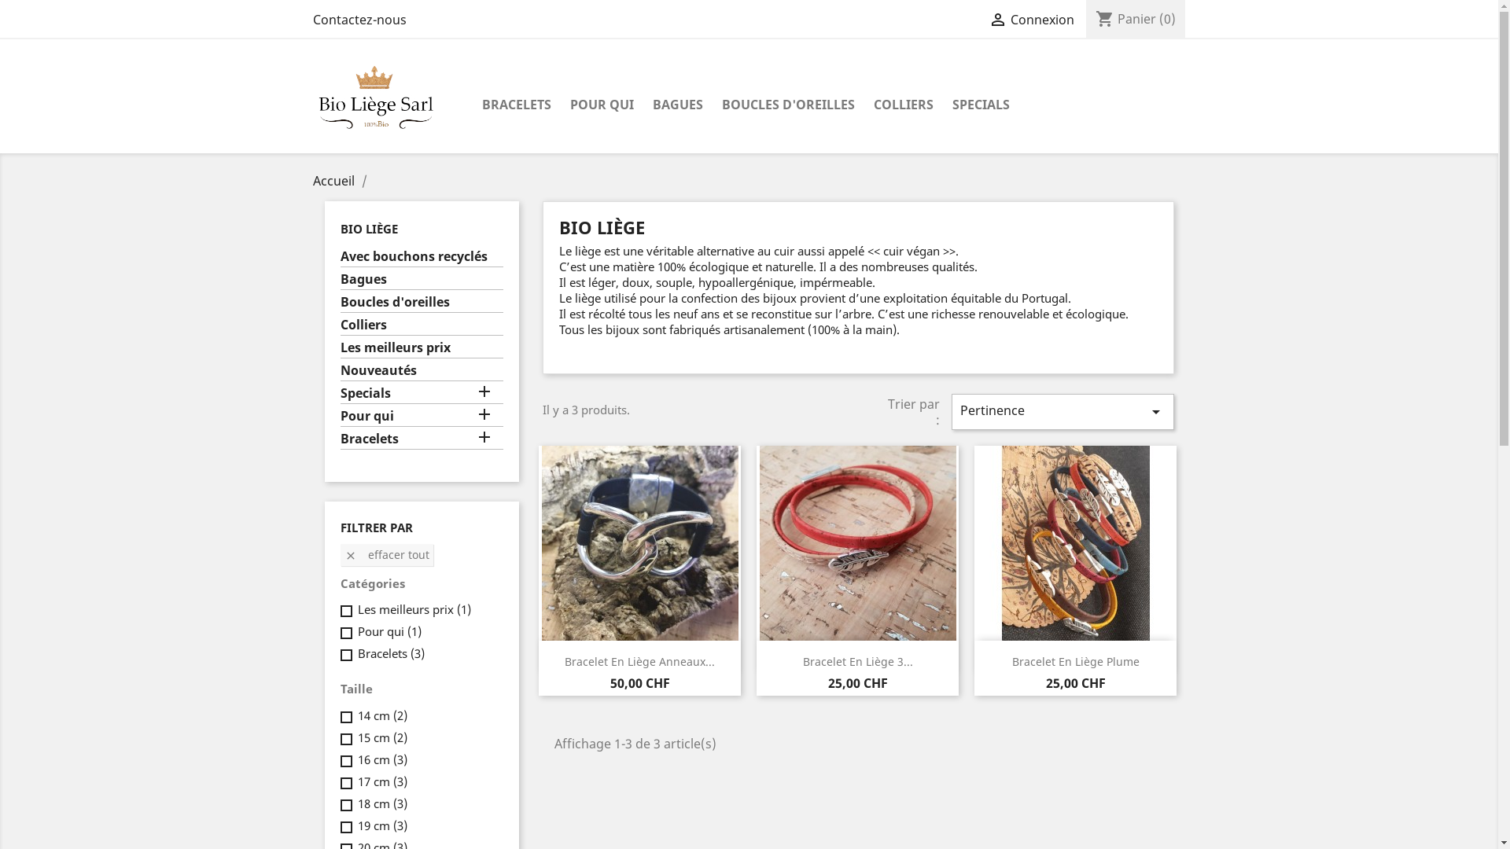 The width and height of the screenshot is (1510, 849). What do you see at coordinates (902, 105) in the screenshot?
I see `'COLLIERS'` at bounding box center [902, 105].